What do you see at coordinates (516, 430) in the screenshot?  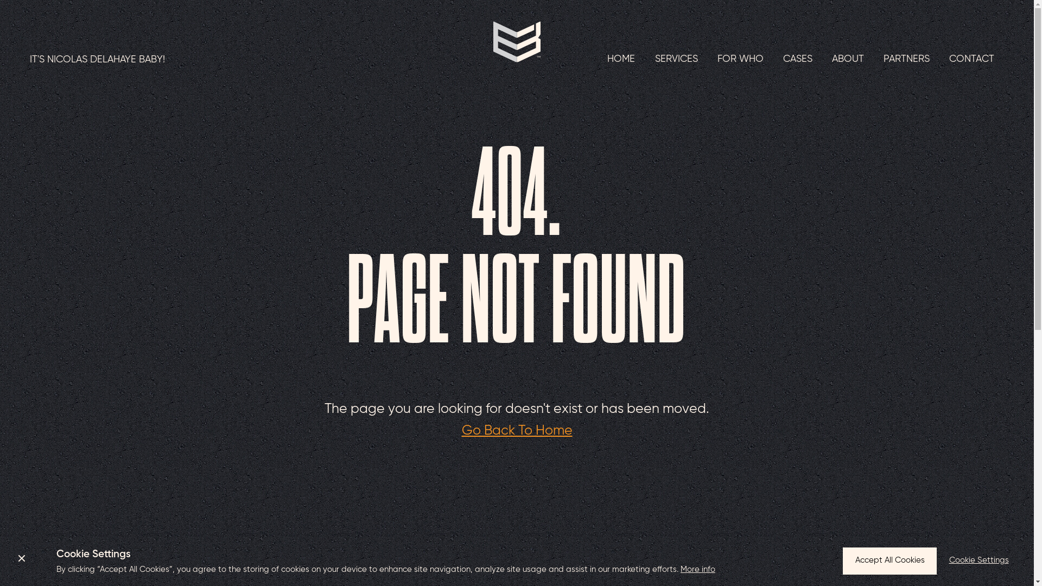 I see `'Go Back To Home'` at bounding box center [516, 430].